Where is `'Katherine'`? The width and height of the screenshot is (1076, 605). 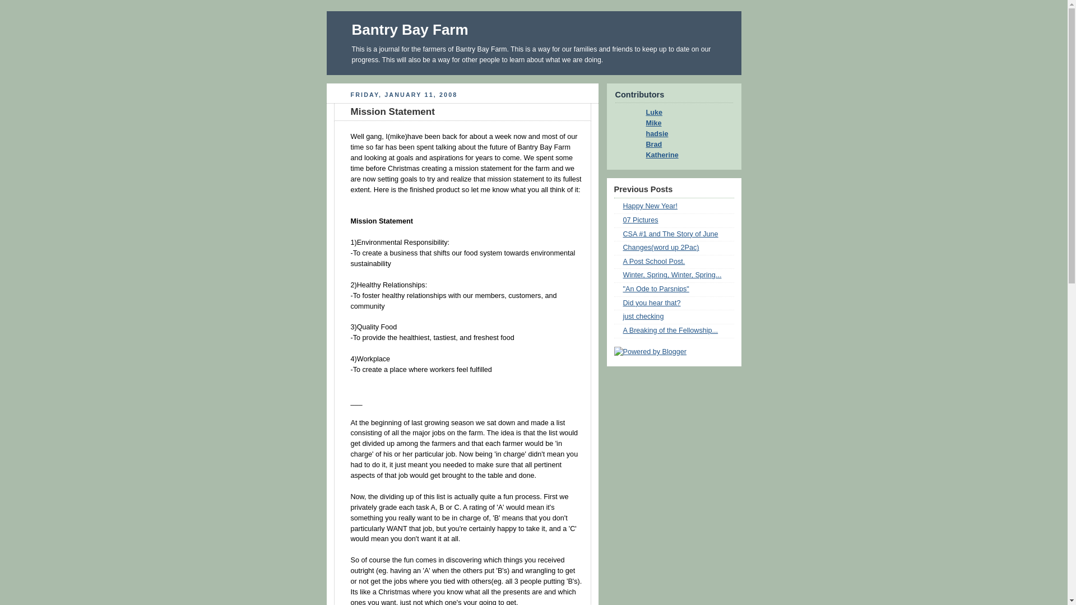 'Katherine' is located at coordinates (637, 155).